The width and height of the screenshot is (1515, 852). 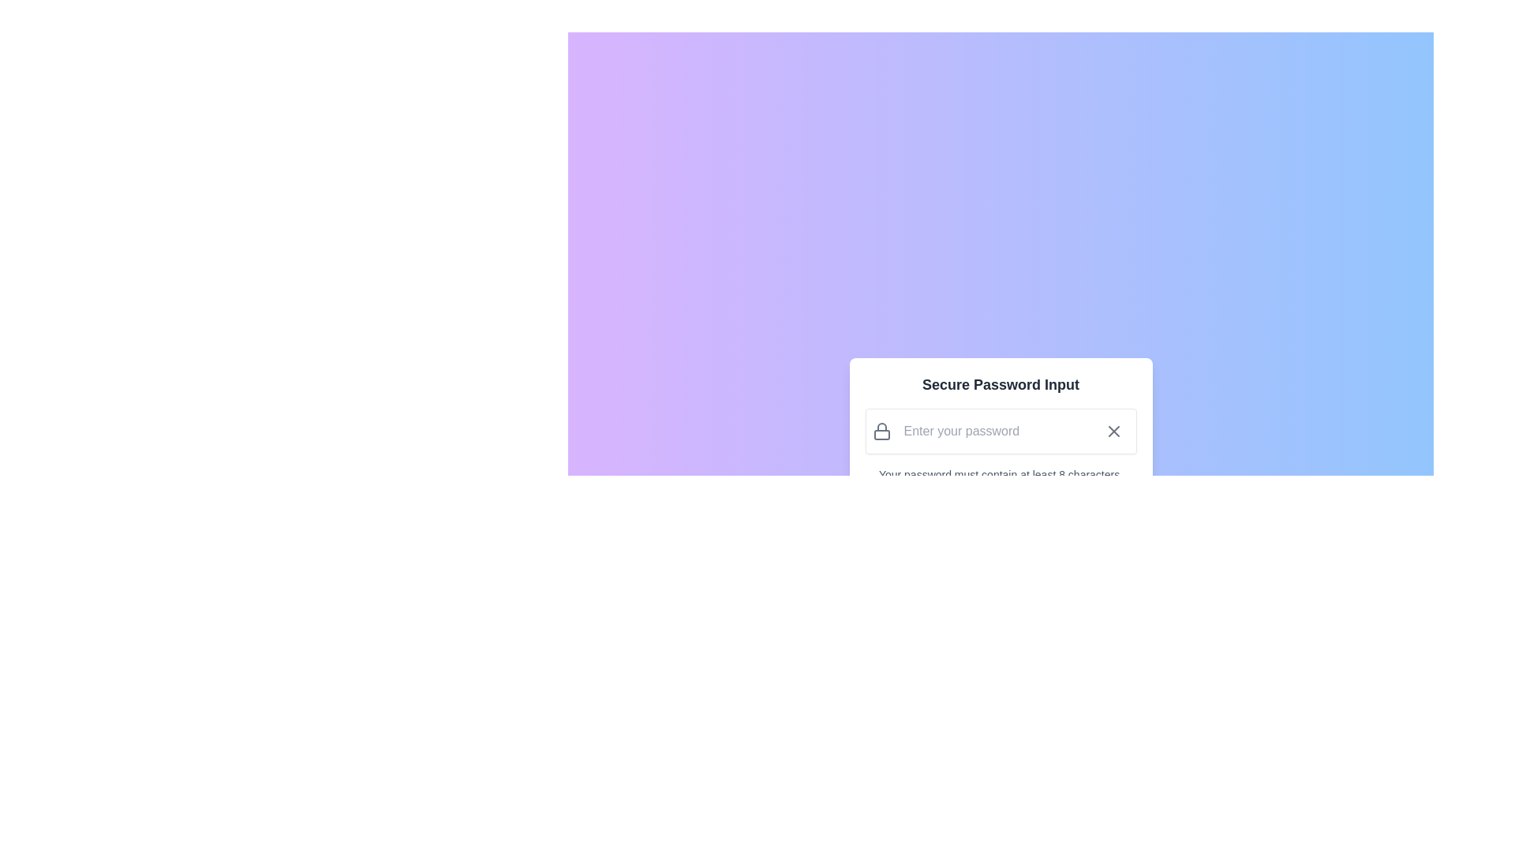 I want to click on the 'X' icon, which is a visually sharp icon with two diagonally crossing lines, styled in gray, located near the right edge of the password input field labeled 'Secure Password Input', to clear the input, so click(x=1113, y=432).